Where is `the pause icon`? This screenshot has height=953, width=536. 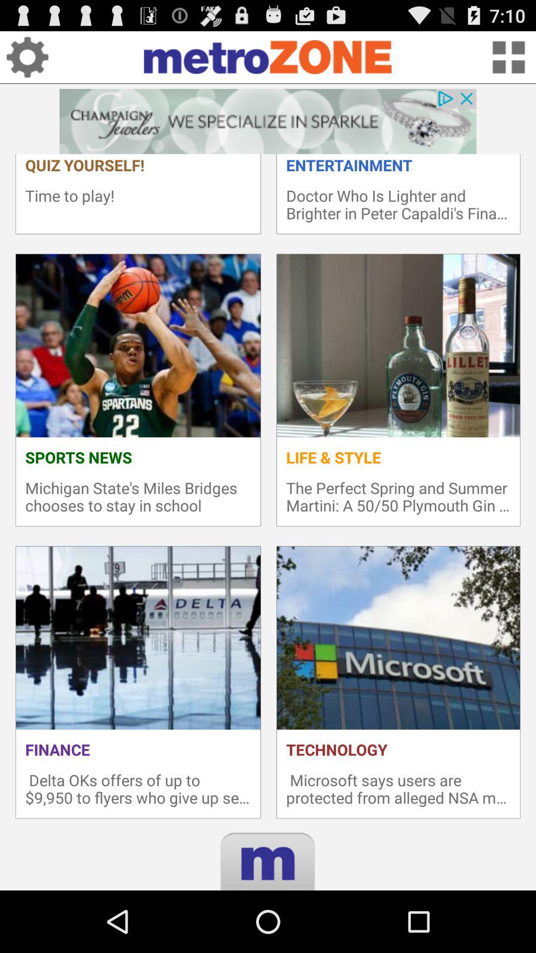 the pause icon is located at coordinates (268, 931).